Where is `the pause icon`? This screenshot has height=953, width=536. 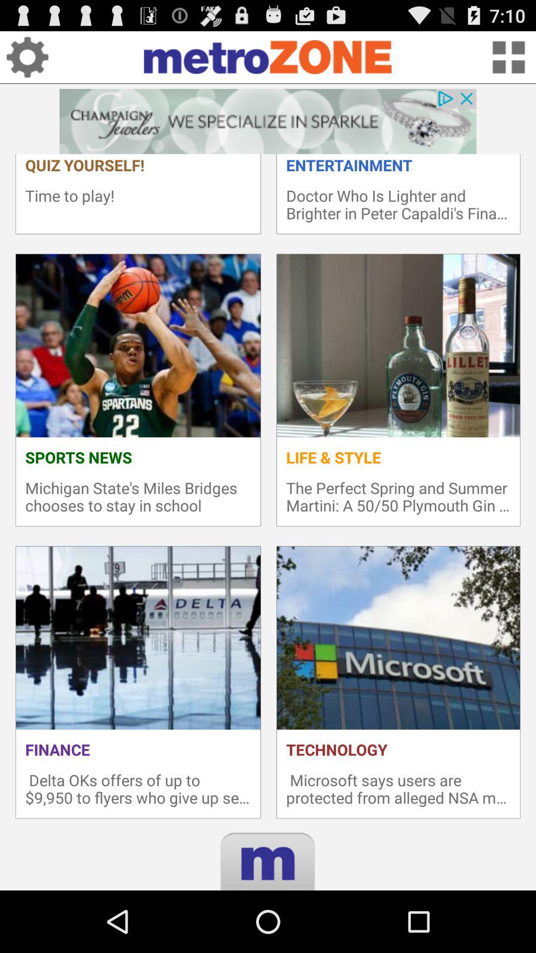 the pause icon is located at coordinates (268, 931).